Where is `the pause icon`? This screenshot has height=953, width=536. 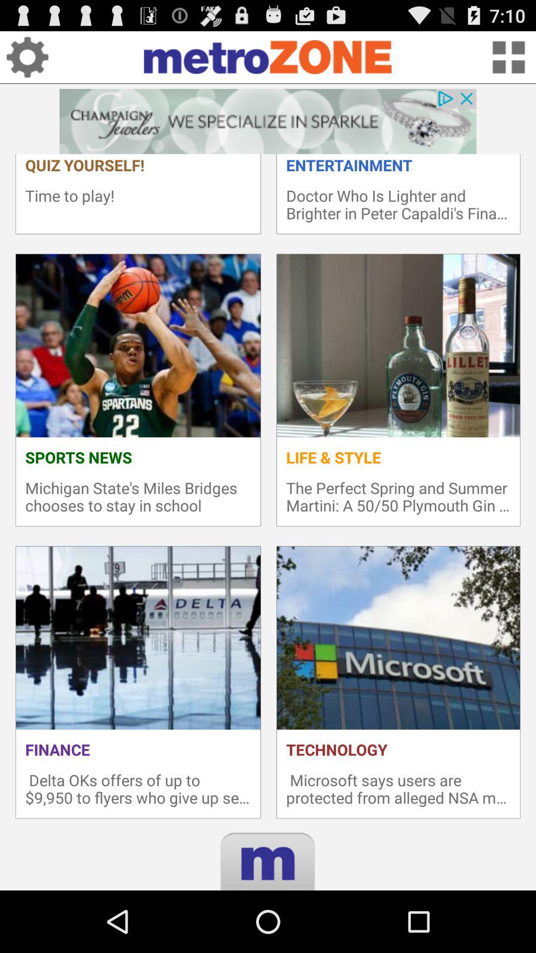 the pause icon is located at coordinates (268, 931).